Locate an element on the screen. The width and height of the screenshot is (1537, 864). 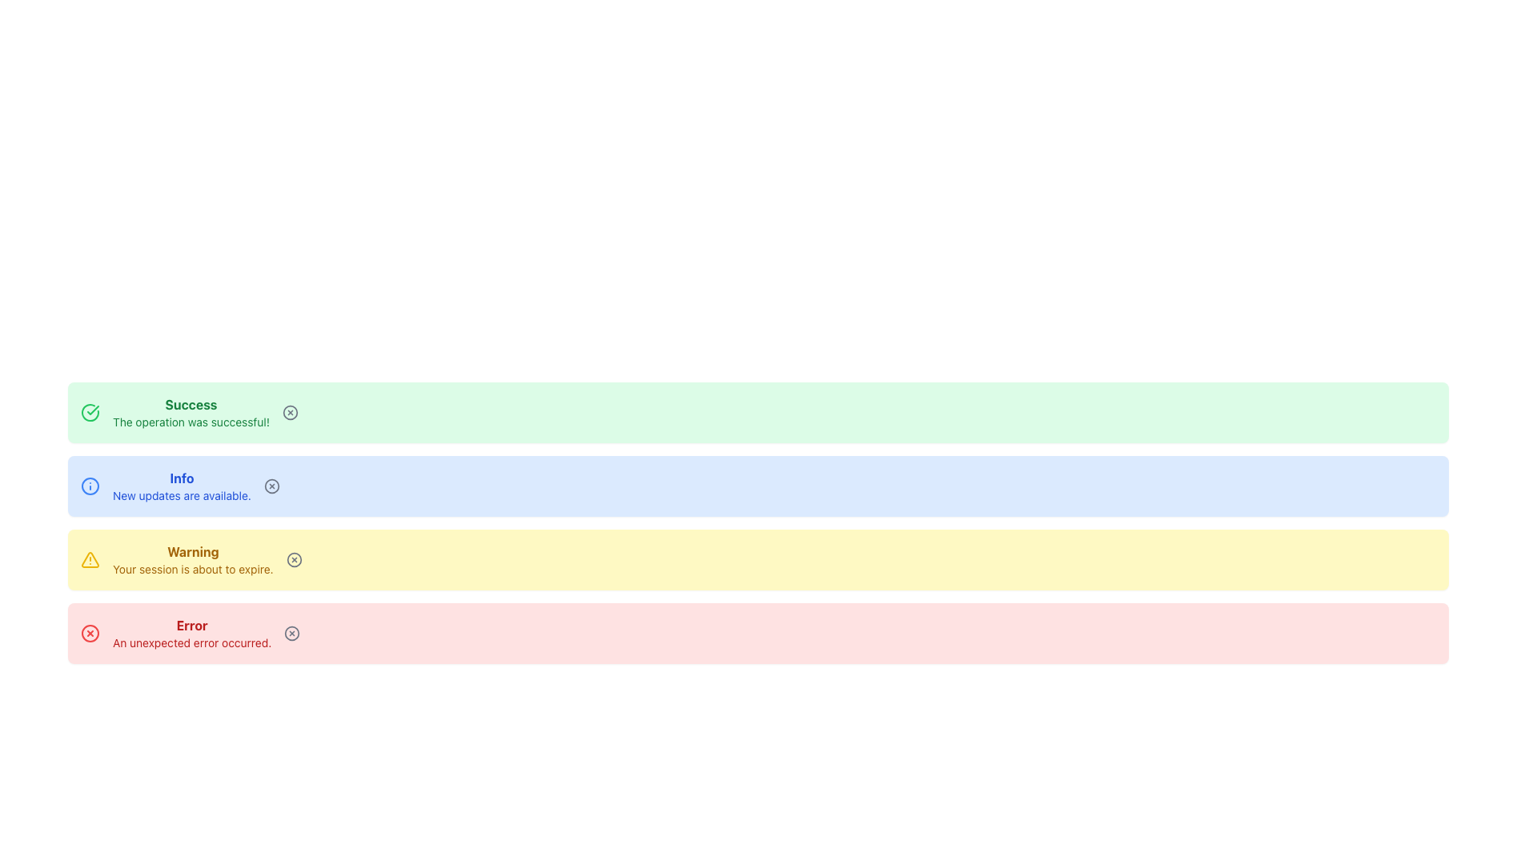
the button located in the error message notification bar, to the far right of the text 'Error An unexpected error occurred.' is located at coordinates (292, 632).